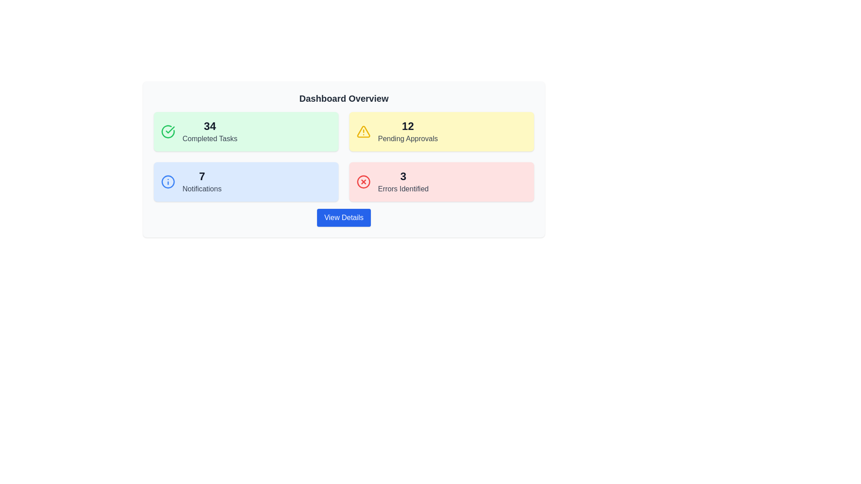 The width and height of the screenshot is (861, 484). Describe the element at coordinates (168, 131) in the screenshot. I see `the circular icon with a green checkmark located in the 'Completed Tasks' section of the dashboard` at that location.